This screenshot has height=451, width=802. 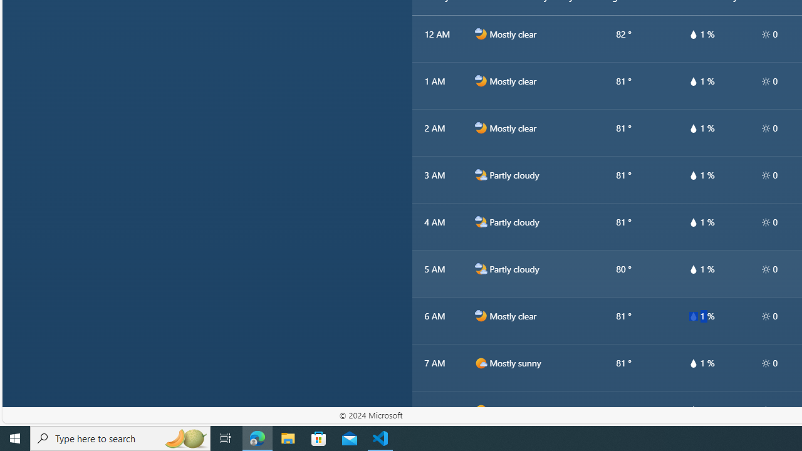 I want to click on 'n1000', so click(x=480, y=316).